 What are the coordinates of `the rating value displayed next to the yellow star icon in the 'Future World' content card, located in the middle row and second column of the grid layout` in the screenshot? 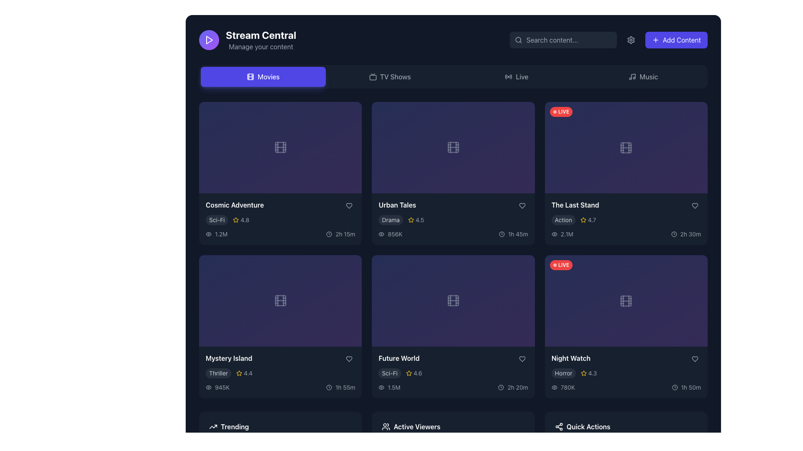 It's located at (417, 373).